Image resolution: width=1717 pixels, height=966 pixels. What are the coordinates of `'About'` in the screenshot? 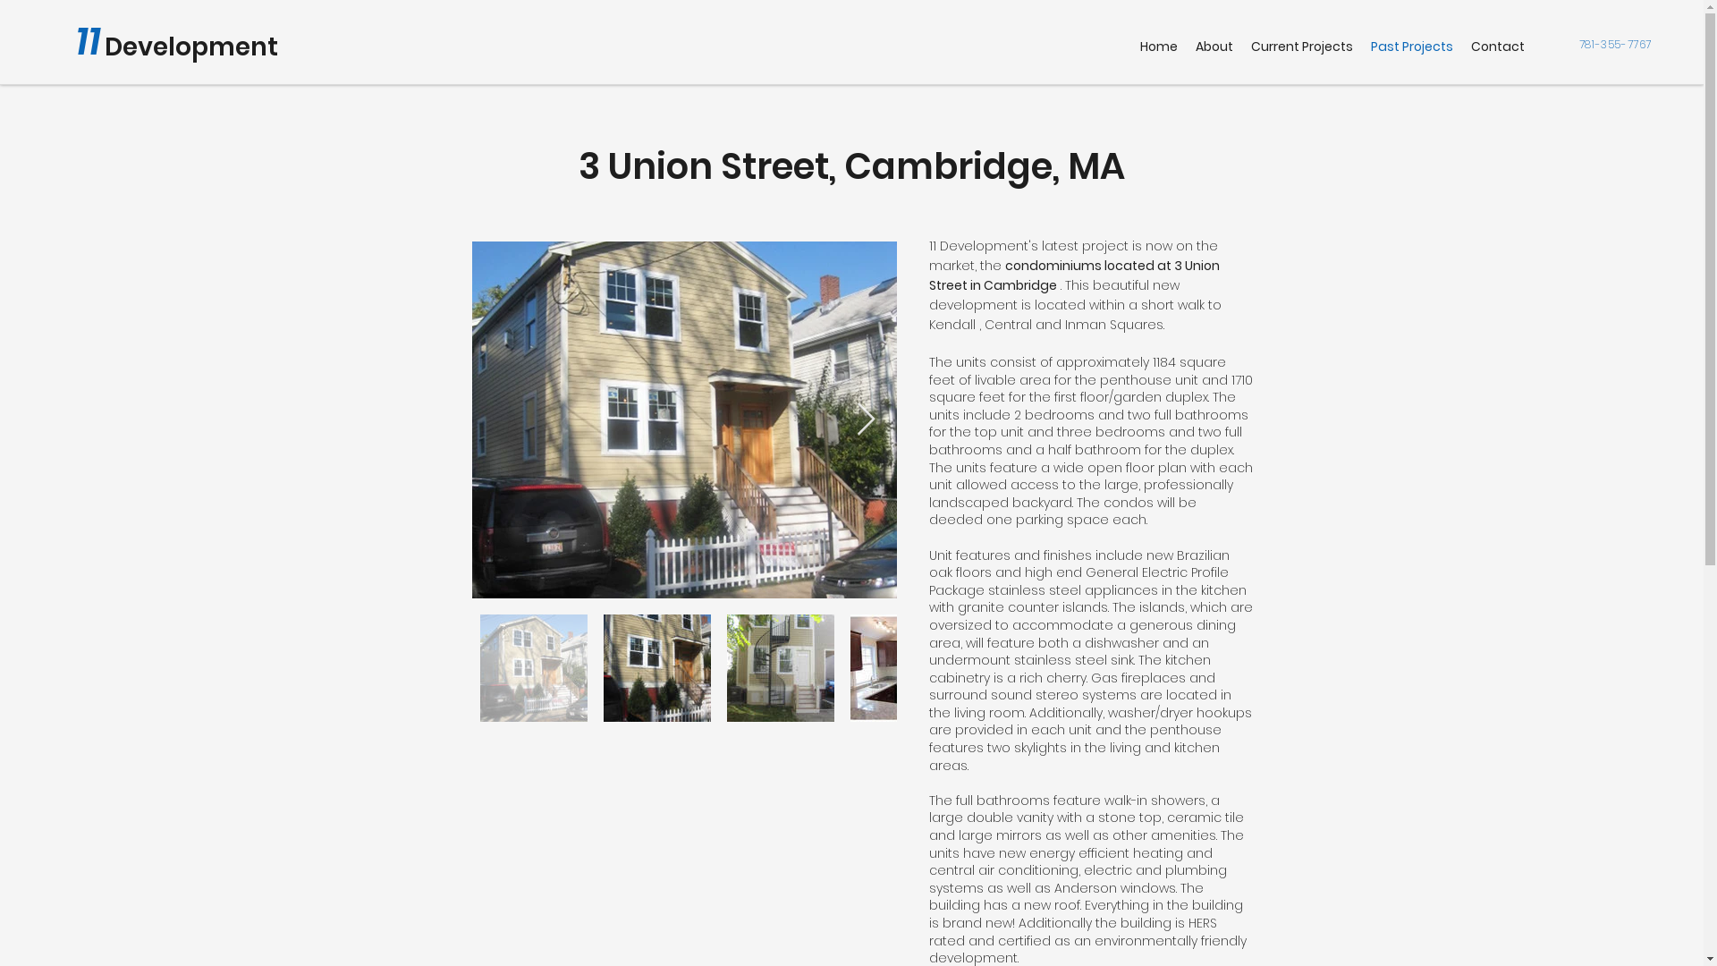 It's located at (1214, 46).